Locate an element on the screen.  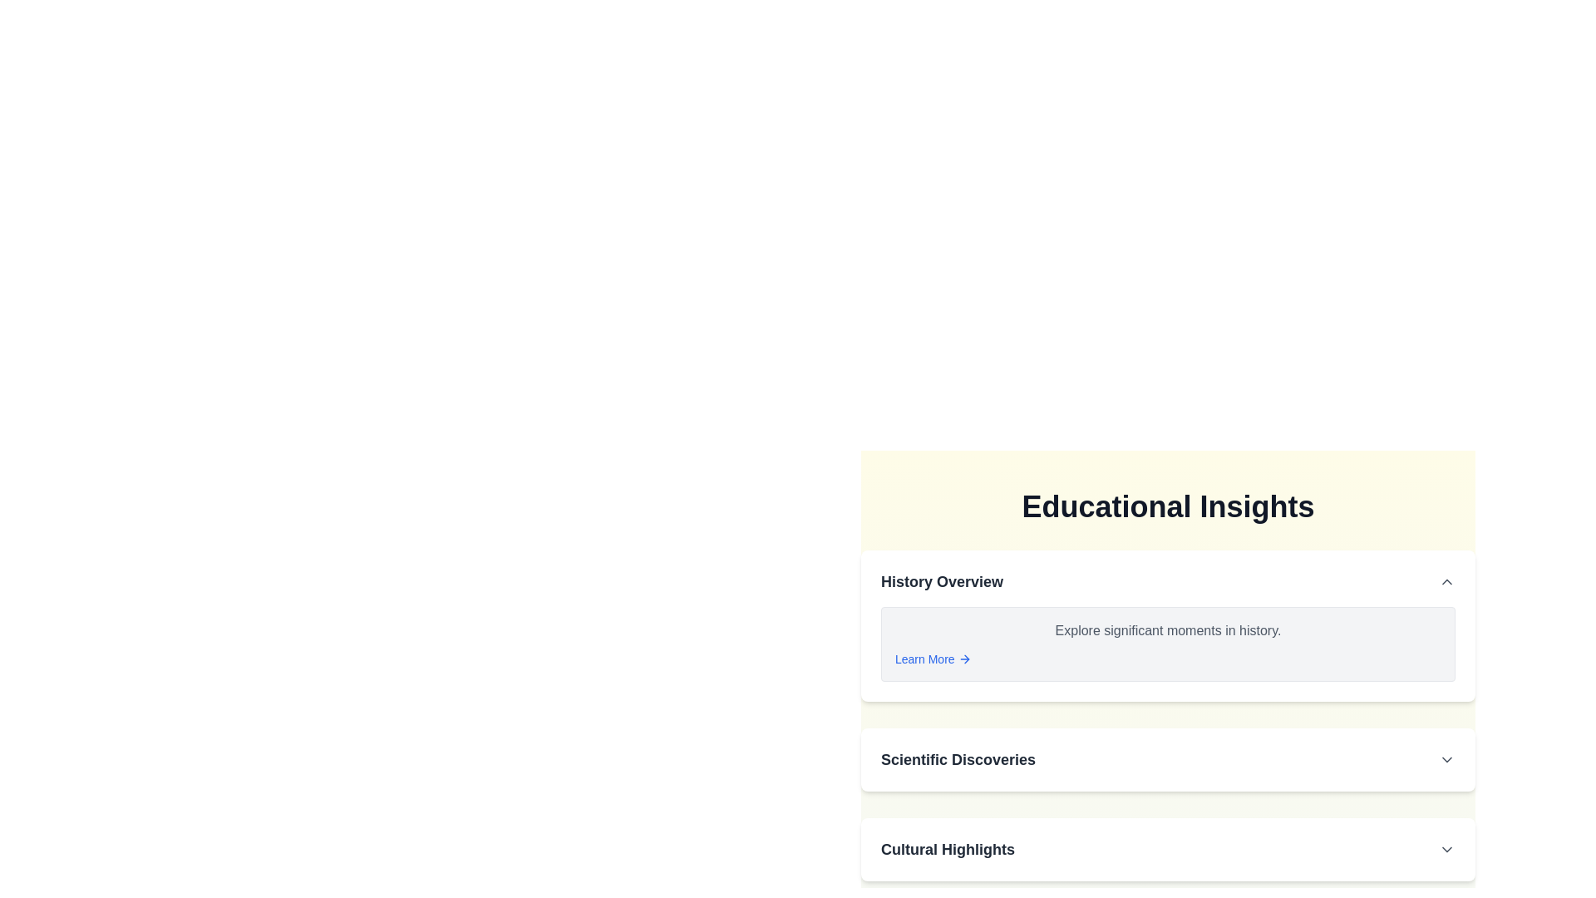
the text label that serves as a header or title for a section, encouraging users is located at coordinates (948, 850).